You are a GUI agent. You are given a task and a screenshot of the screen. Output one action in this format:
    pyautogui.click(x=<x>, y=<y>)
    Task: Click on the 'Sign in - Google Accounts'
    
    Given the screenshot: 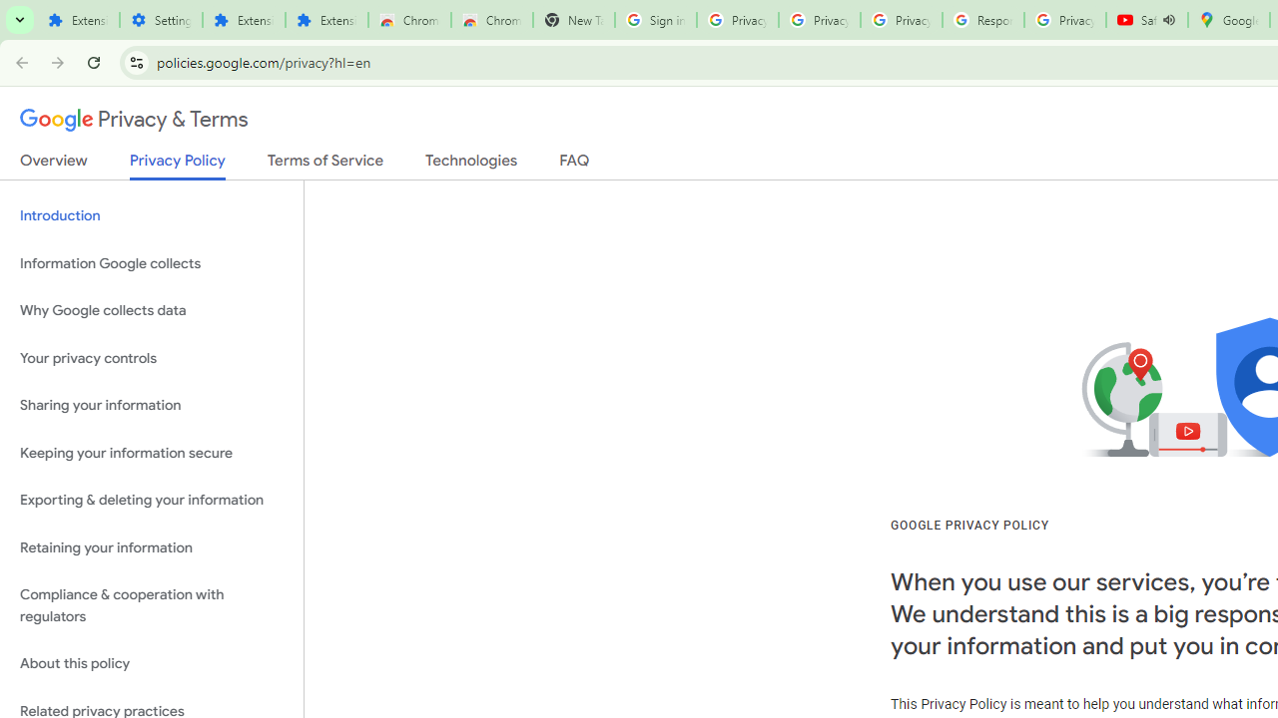 What is the action you would take?
    pyautogui.click(x=655, y=20)
    